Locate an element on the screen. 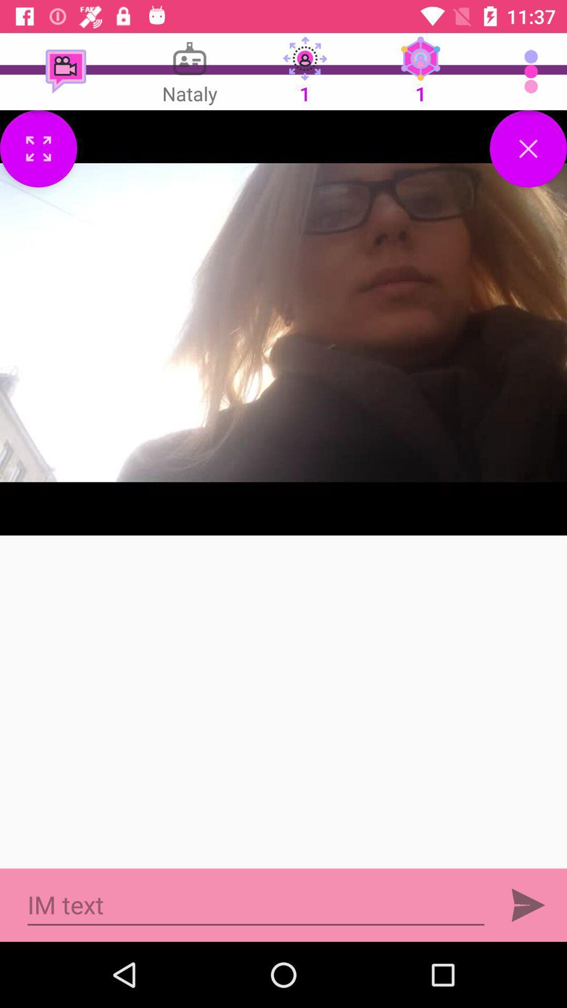  space to enter text is located at coordinates (256, 905).